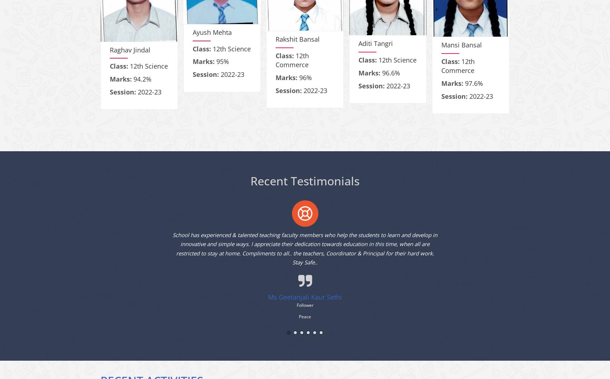  I want to click on '93.6%', so click(48, 100).